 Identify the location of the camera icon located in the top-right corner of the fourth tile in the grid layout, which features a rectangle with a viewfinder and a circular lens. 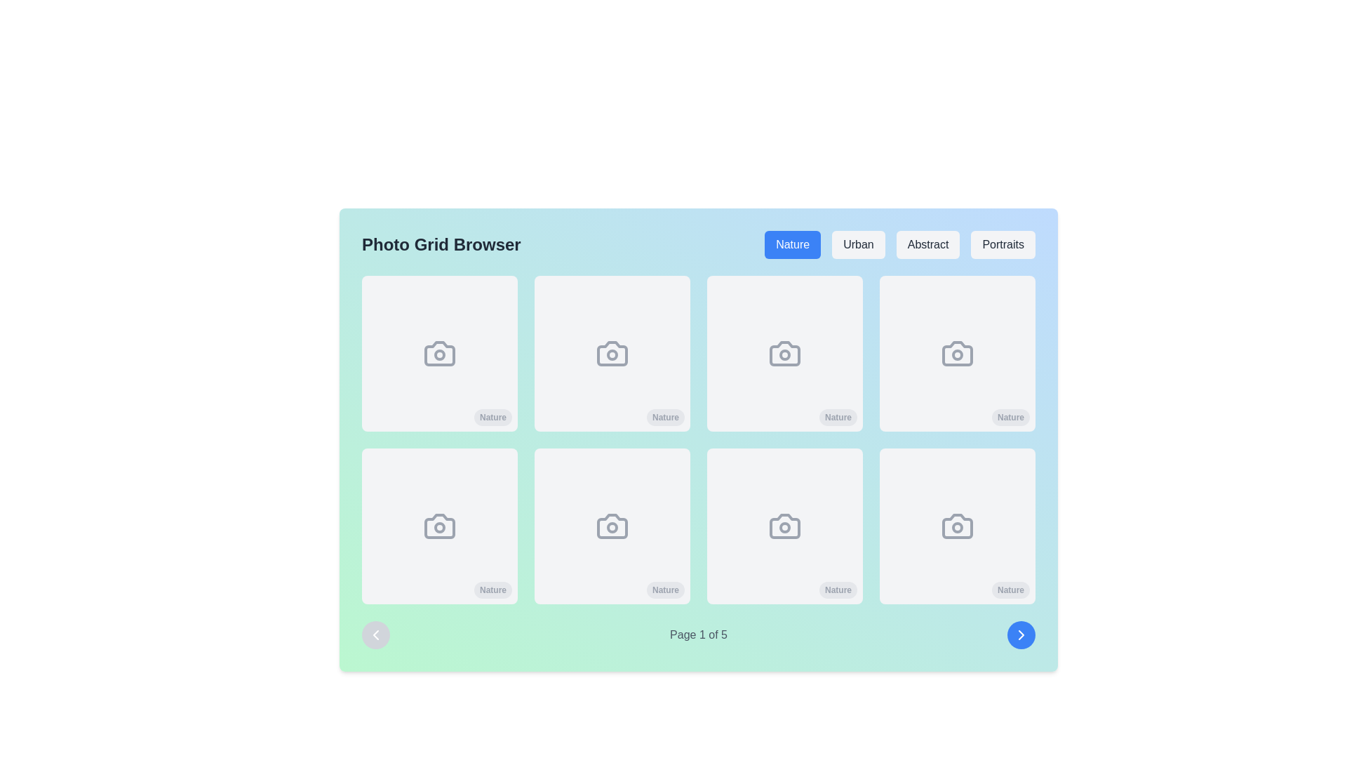
(956, 353).